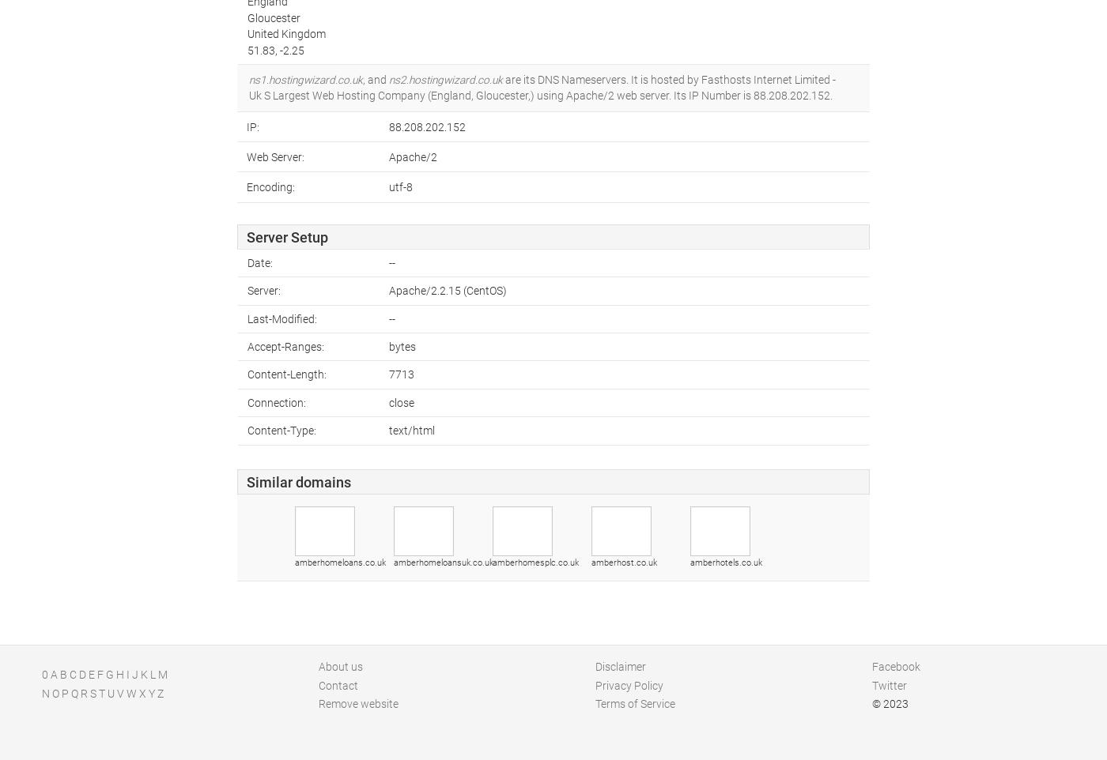  Describe the element at coordinates (446, 78) in the screenshot. I see `'ns2.hostingwizard.co.uk'` at that location.